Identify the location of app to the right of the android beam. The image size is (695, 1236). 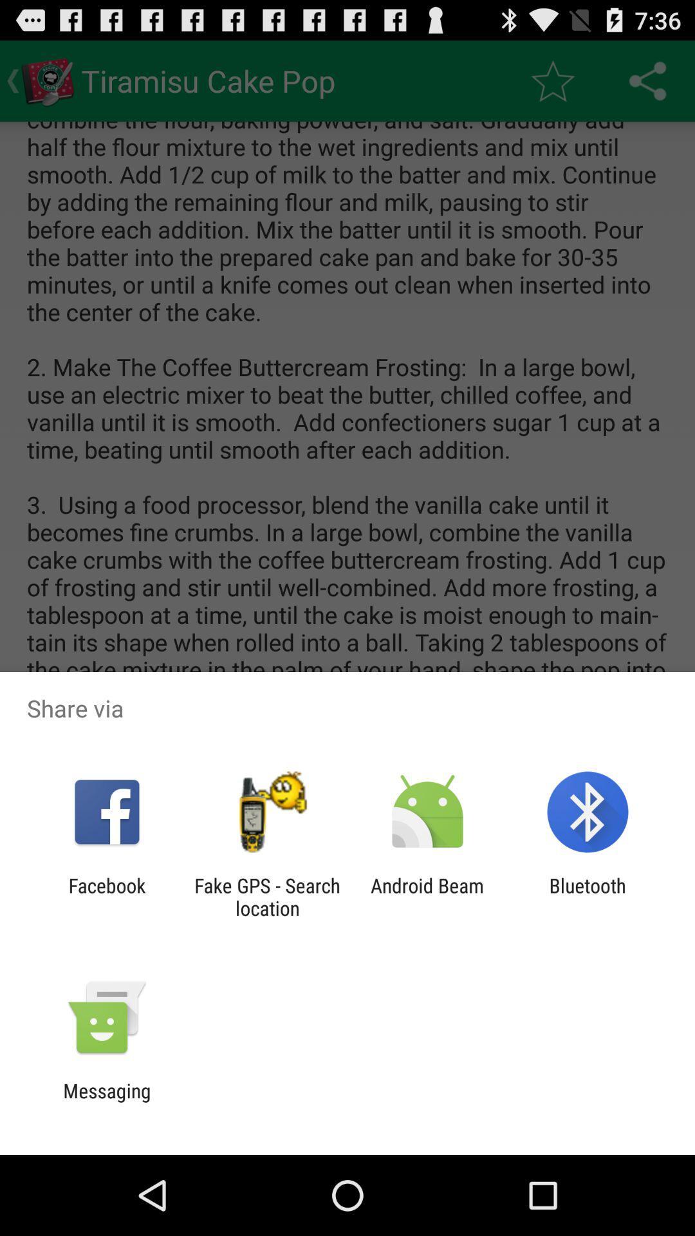
(588, 896).